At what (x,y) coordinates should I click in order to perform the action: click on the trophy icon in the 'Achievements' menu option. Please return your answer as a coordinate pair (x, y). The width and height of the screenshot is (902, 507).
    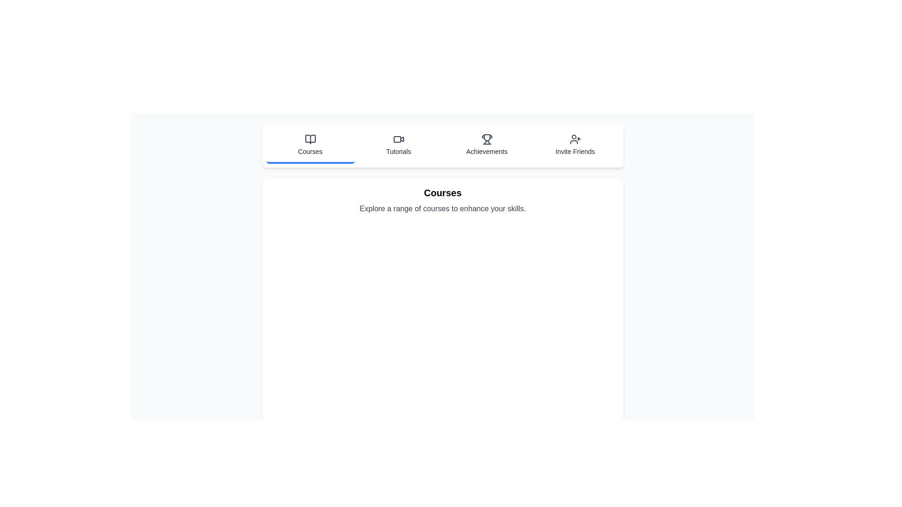
    Looking at the image, I should click on (487, 139).